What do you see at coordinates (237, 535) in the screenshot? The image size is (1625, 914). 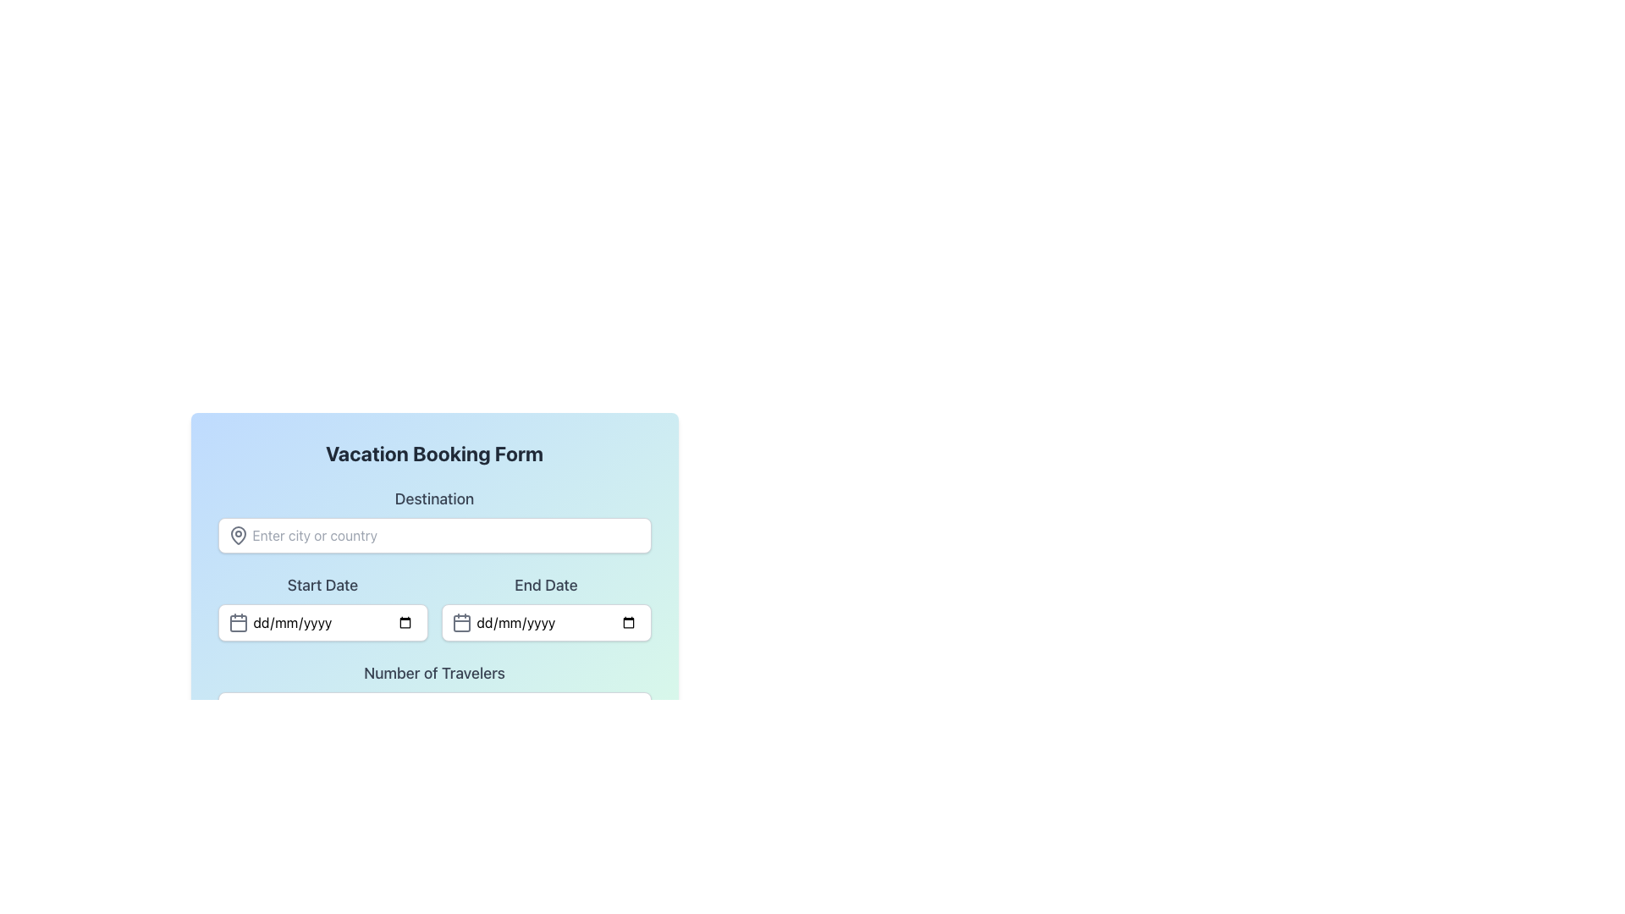 I see `the gray map pin icon located to the left of the 'Enter city or country' text input field in the 'Destination' section of the vacation booking form` at bounding box center [237, 535].